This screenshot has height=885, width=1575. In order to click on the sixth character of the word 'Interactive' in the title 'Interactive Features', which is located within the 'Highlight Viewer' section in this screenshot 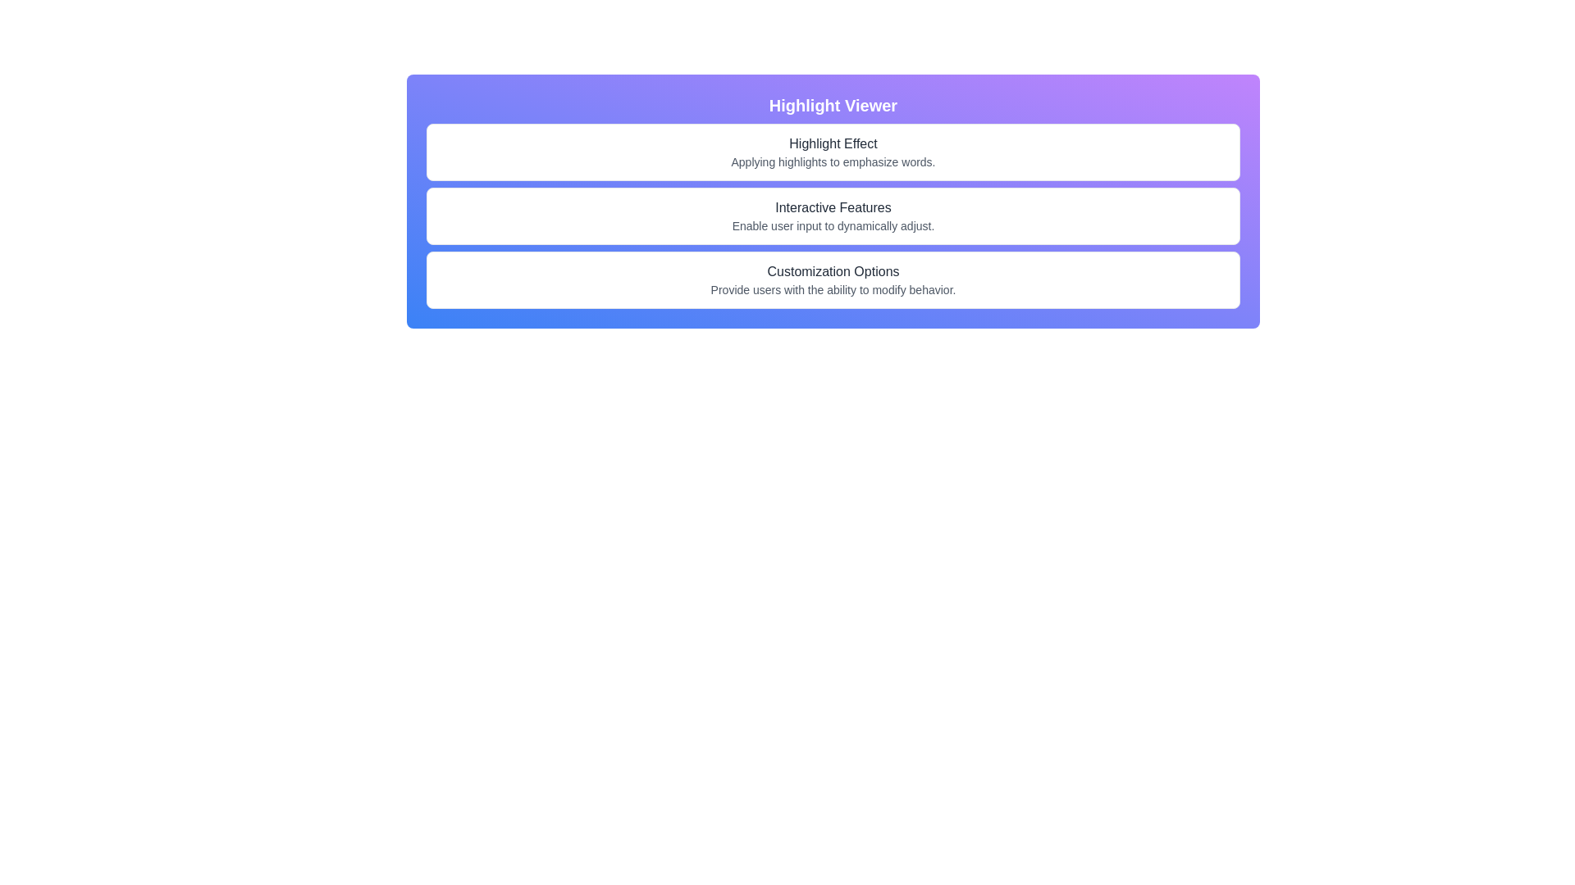, I will do `click(805, 206)`.